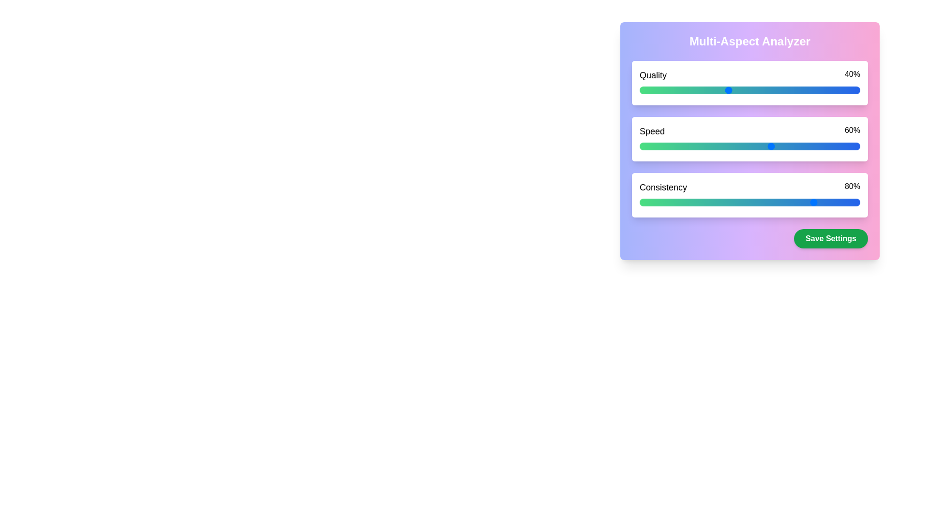 This screenshot has height=522, width=929. I want to click on the speed value, so click(688, 146).